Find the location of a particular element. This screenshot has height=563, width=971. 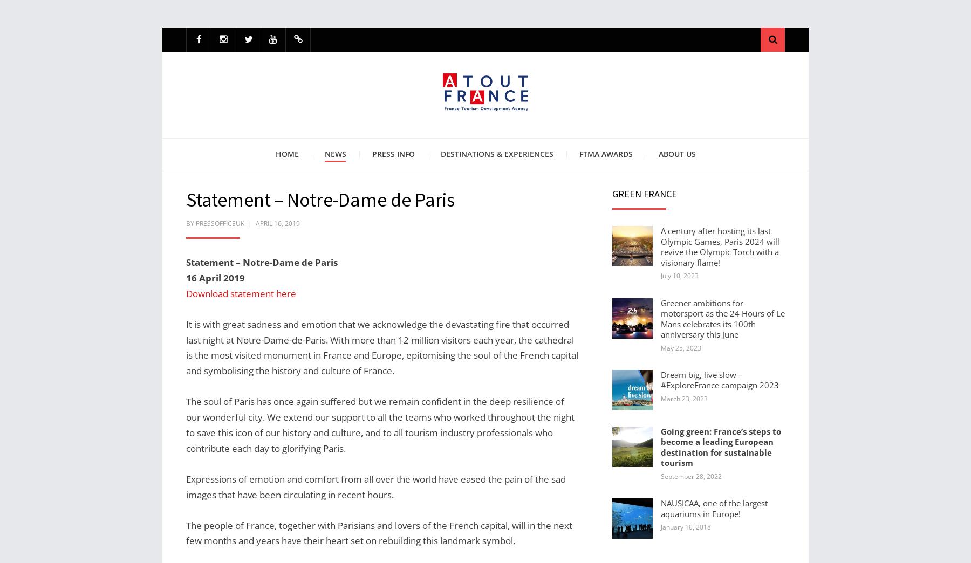

'Going green: France’s steps to become a leading European destination for sustainable tourism' is located at coordinates (660, 446).